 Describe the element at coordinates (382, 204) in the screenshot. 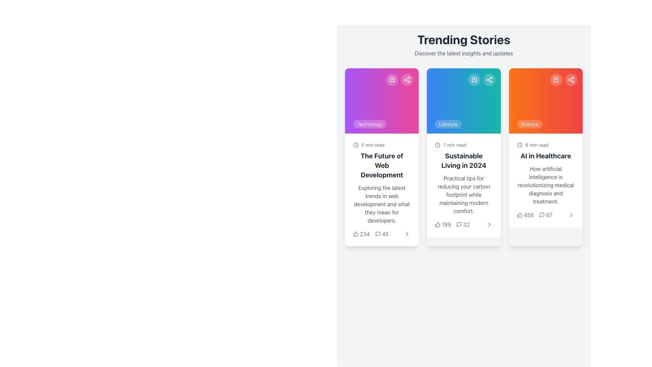

I see `context` at that location.